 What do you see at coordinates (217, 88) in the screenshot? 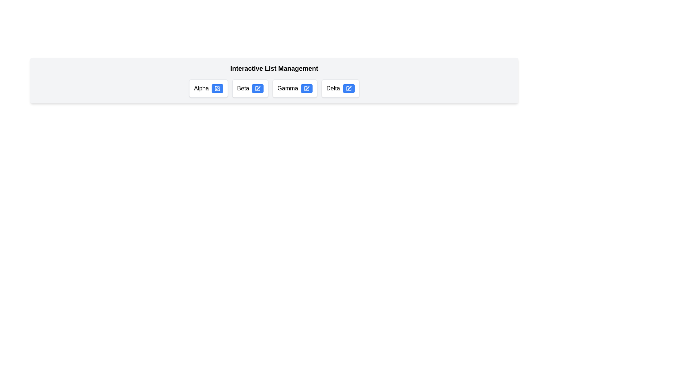
I see `the blue circular icon with a white pen symbol, part of the 'Alpha' button` at bounding box center [217, 88].